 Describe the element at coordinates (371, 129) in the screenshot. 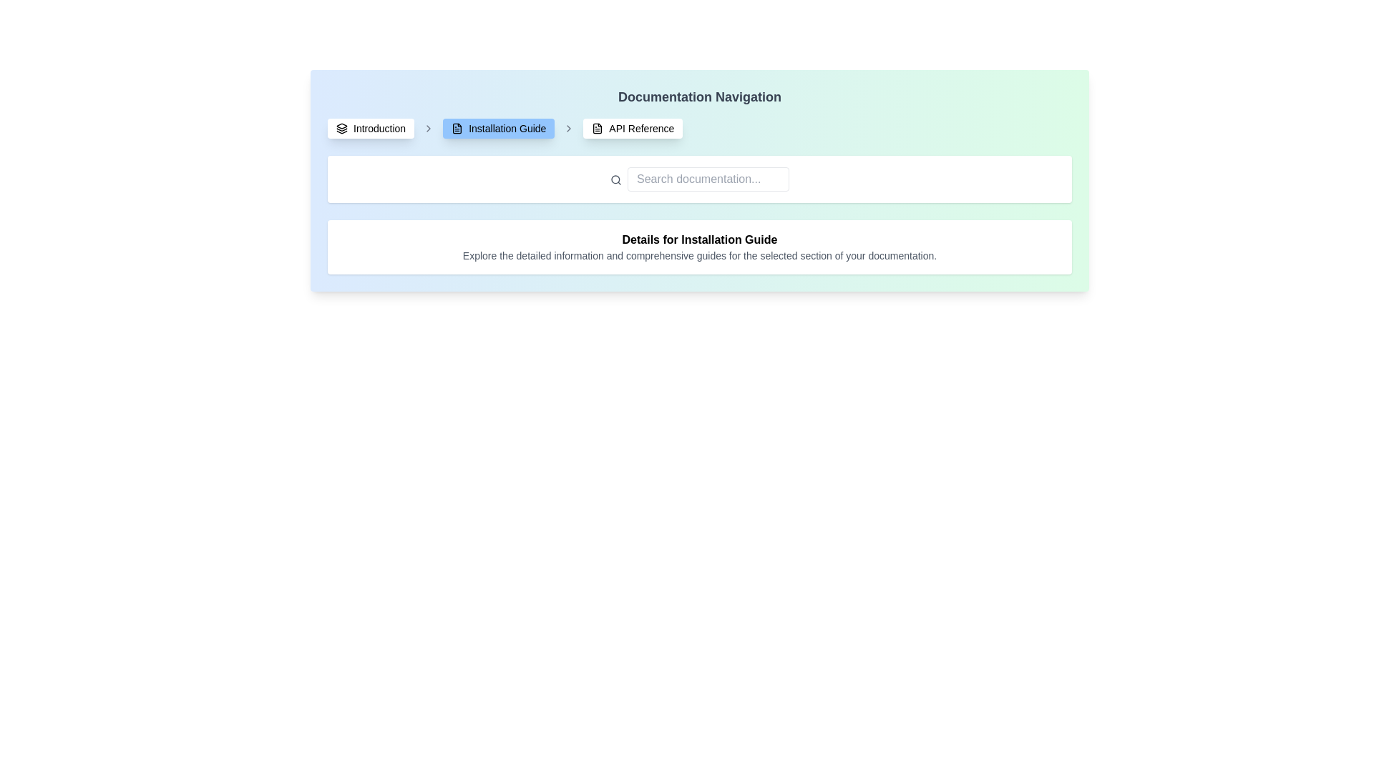

I see `the stylized button labeled 'Introduction' located in the upper-left segment of the navigation bar` at that location.